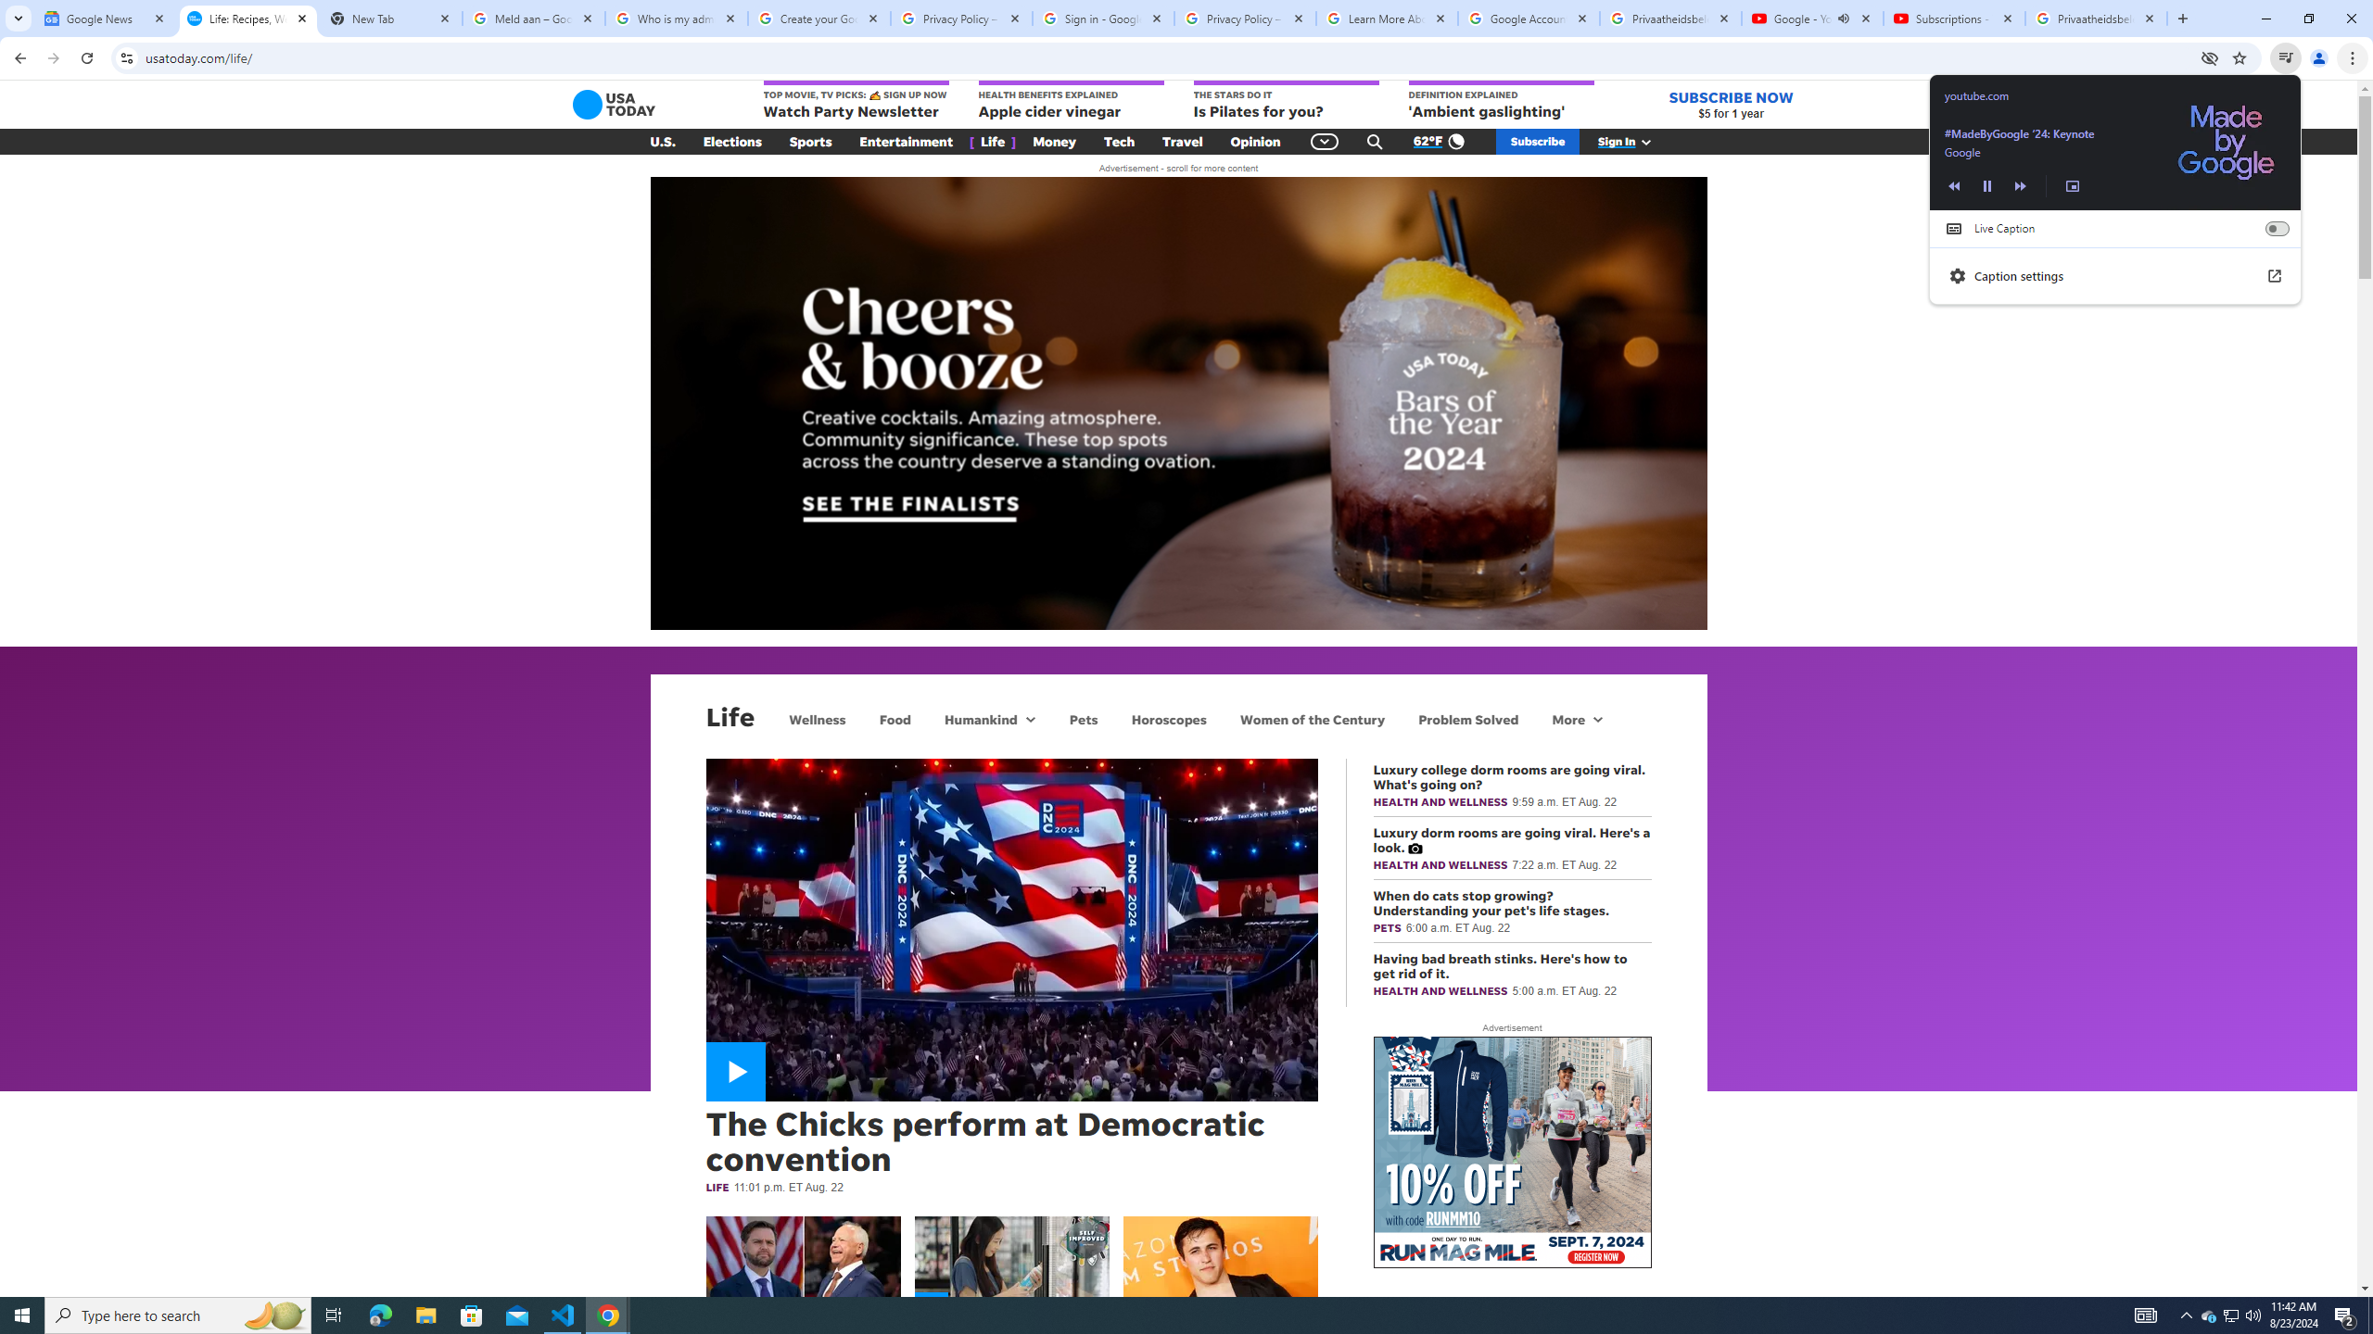 The width and height of the screenshot is (2373, 1334). I want to click on 'Chrome', so click(2354, 57).